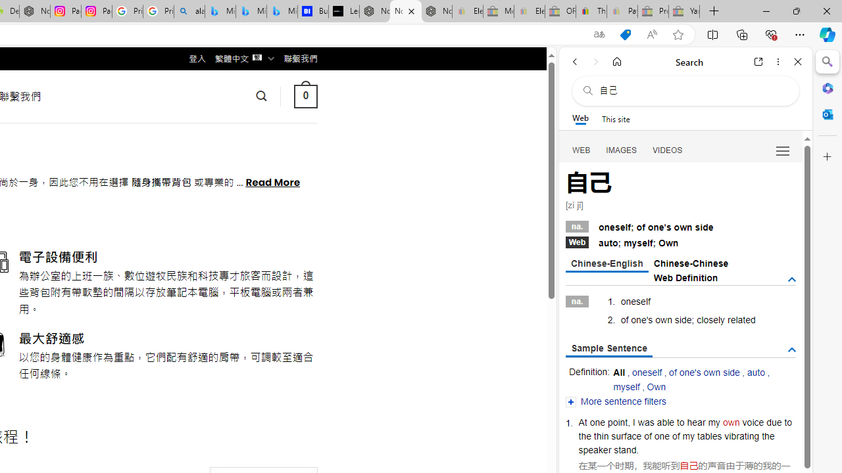  Describe the element at coordinates (220, 11) in the screenshot. I see `'Microsoft Bing Travel - Flights from Hong Kong to Bangkok'` at that location.